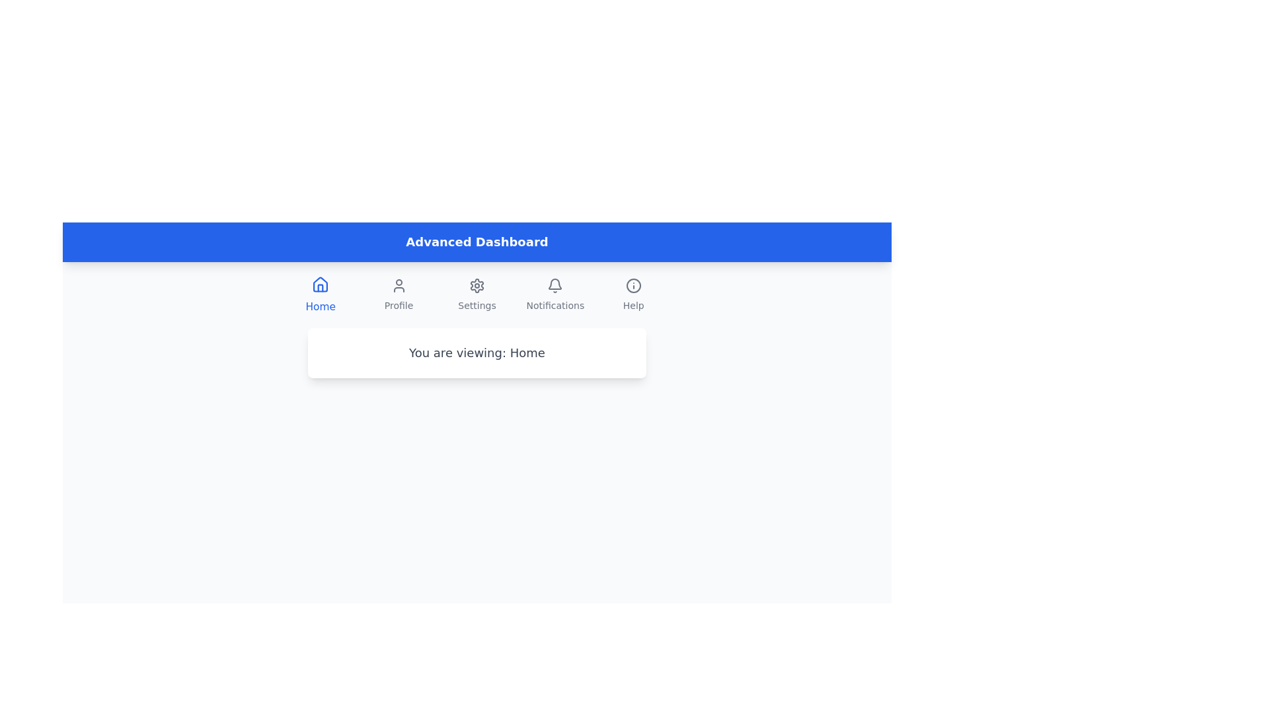 The image size is (1269, 713). I want to click on the house-shaped icon outlined in blue in the navigation bar, so click(320, 284).